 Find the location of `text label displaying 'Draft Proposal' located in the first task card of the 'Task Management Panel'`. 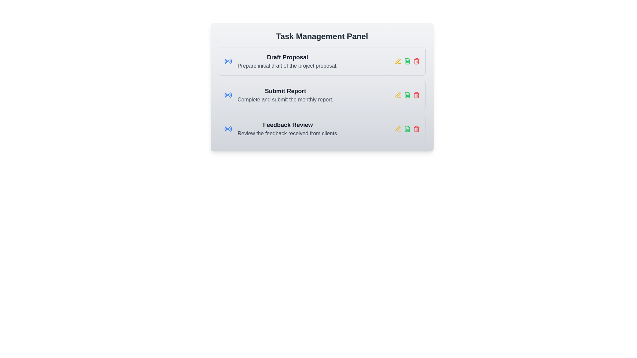

text label displaying 'Draft Proposal' located in the first task card of the 'Task Management Panel' is located at coordinates (287, 57).